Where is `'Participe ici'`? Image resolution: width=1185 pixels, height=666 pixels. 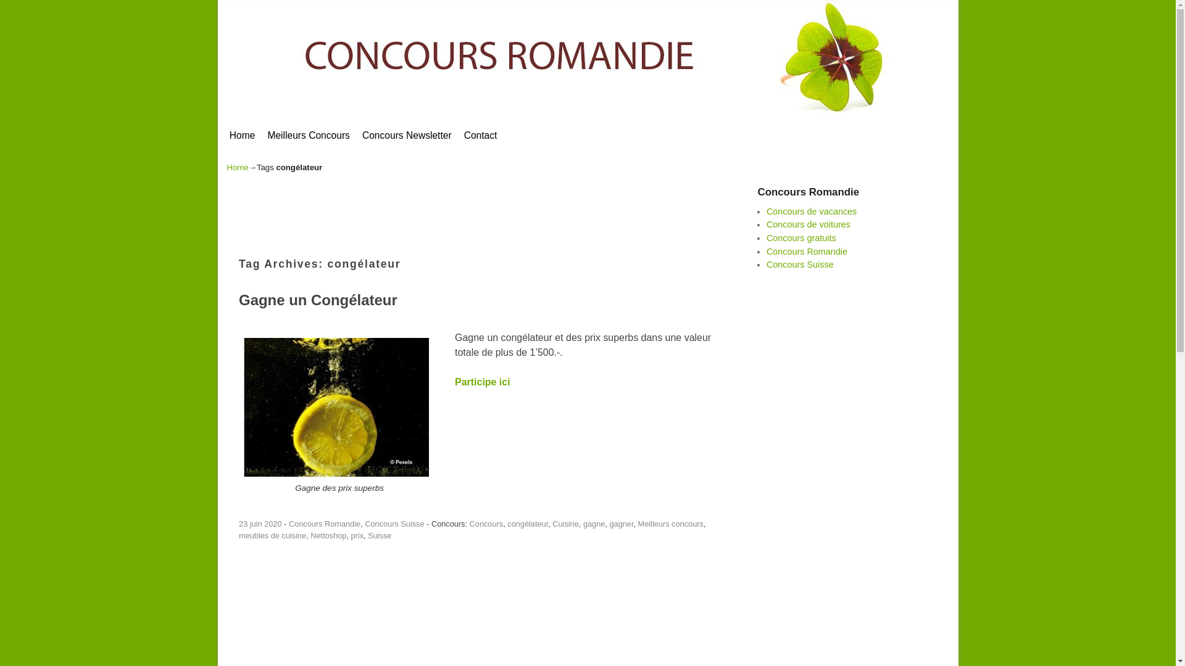
'Participe ici' is located at coordinates (482, 381).